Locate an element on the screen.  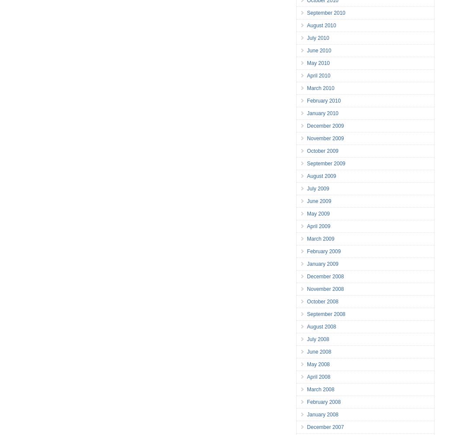
'February 2010' is located at coordinates (323, 100).